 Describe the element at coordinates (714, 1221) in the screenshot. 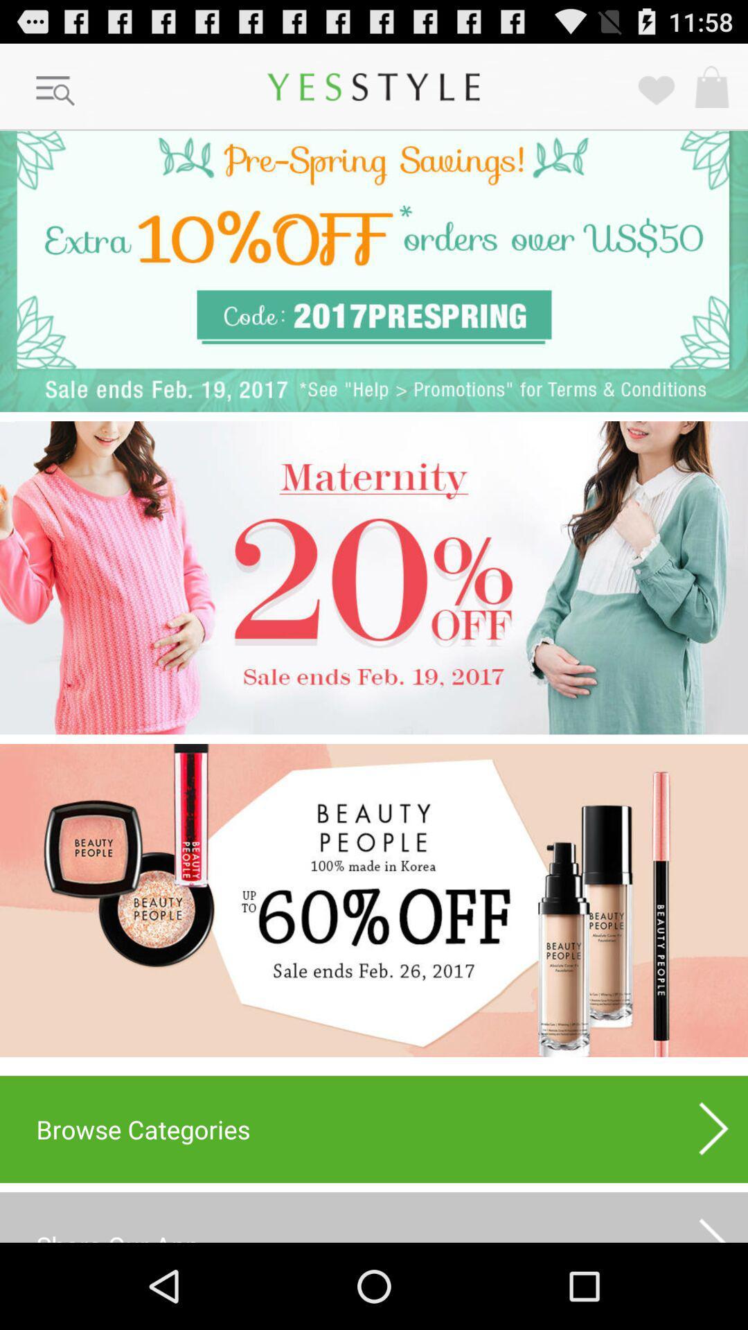

I see `app below browse categories item` at that location.